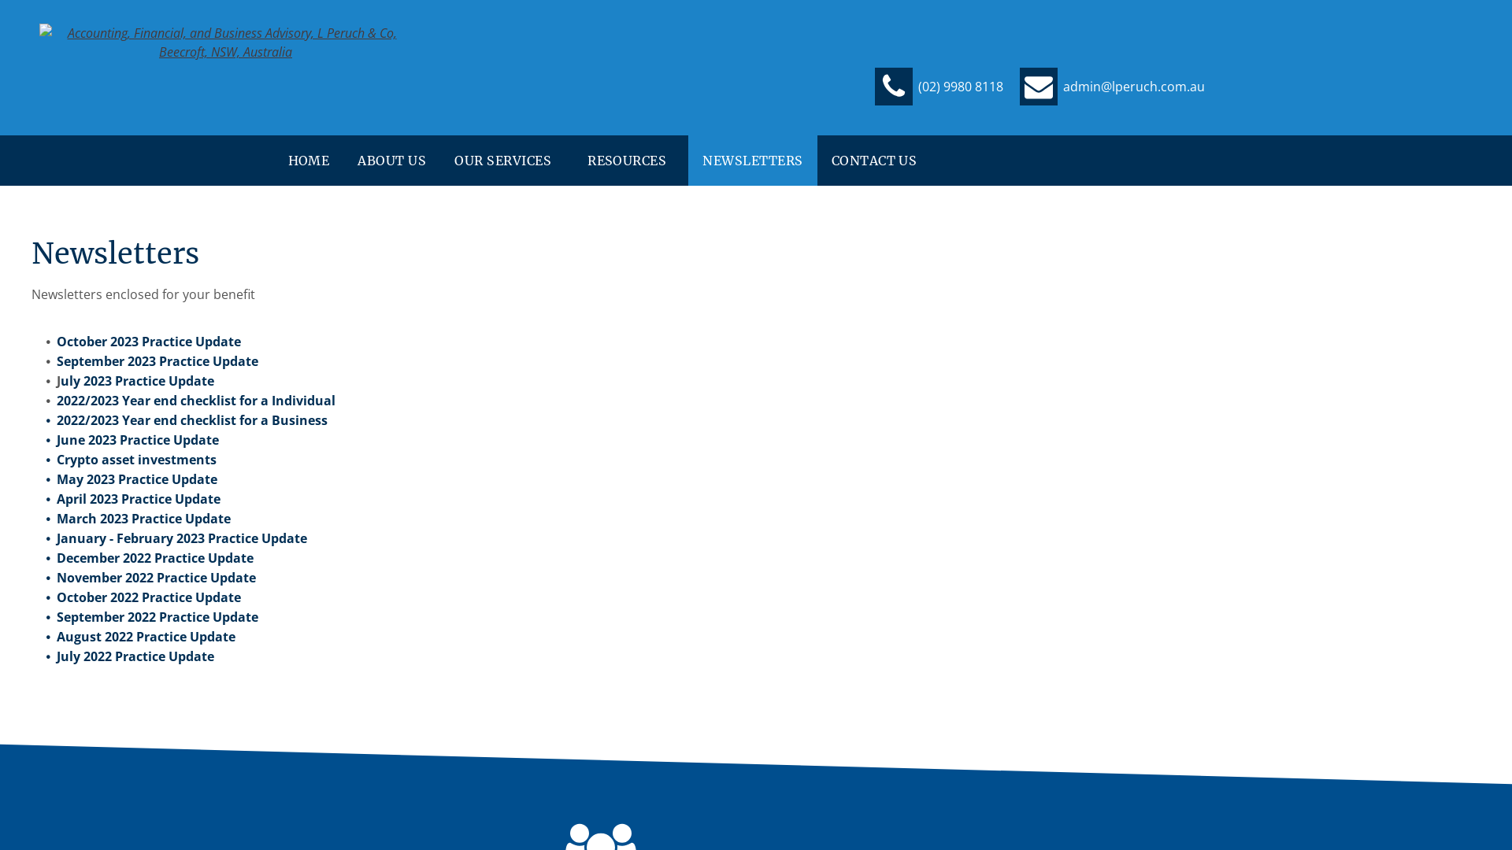 The image size is (1512, 850). I want to click on 'Crypto asset investments', so click(136, 459).